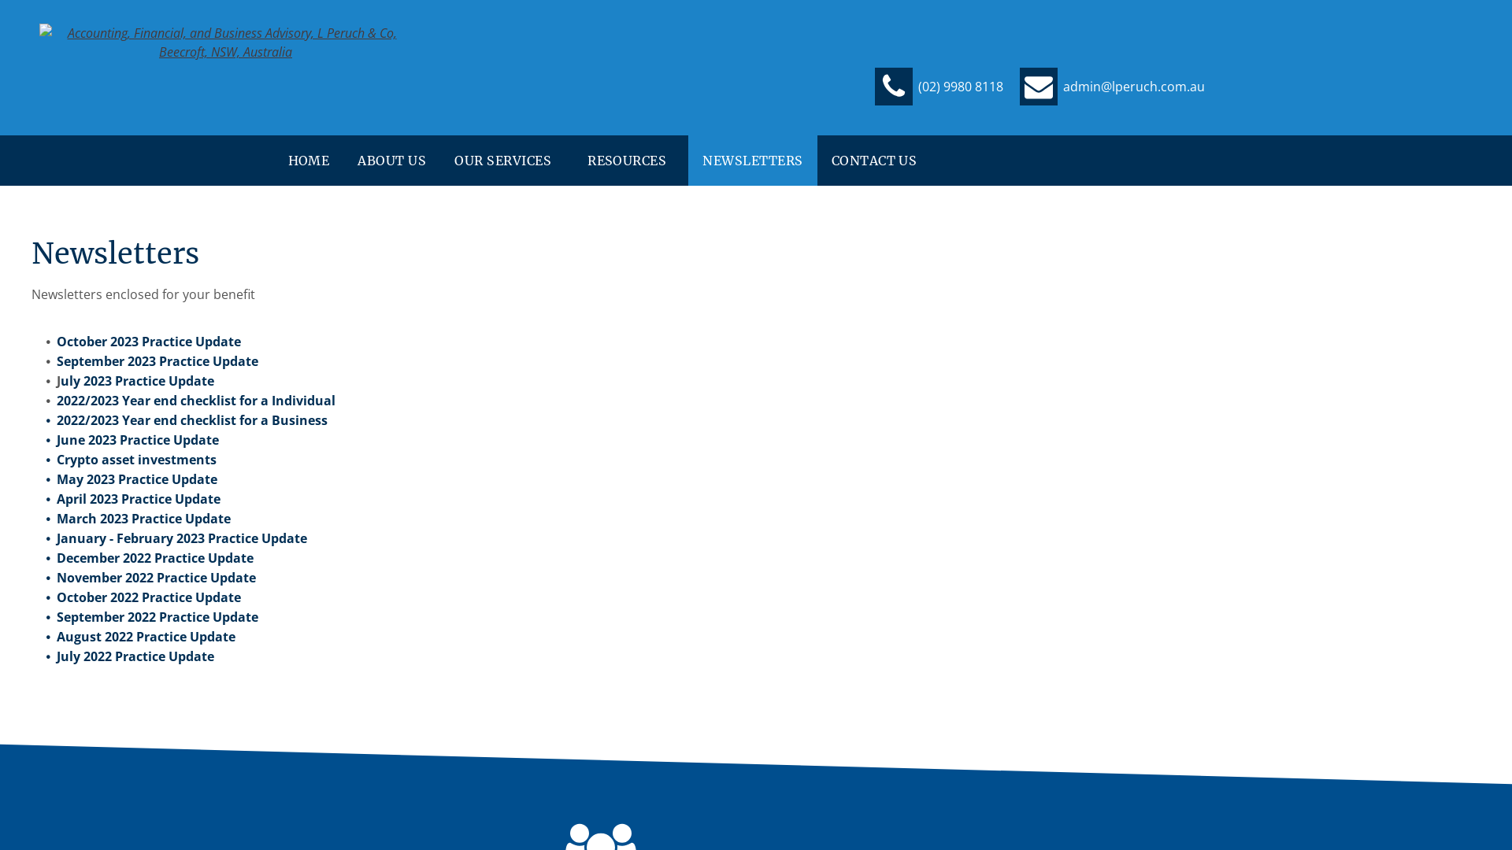 The image size is (1512, 850). I want to click on 'Crypto asset investments', so click(136, 459).